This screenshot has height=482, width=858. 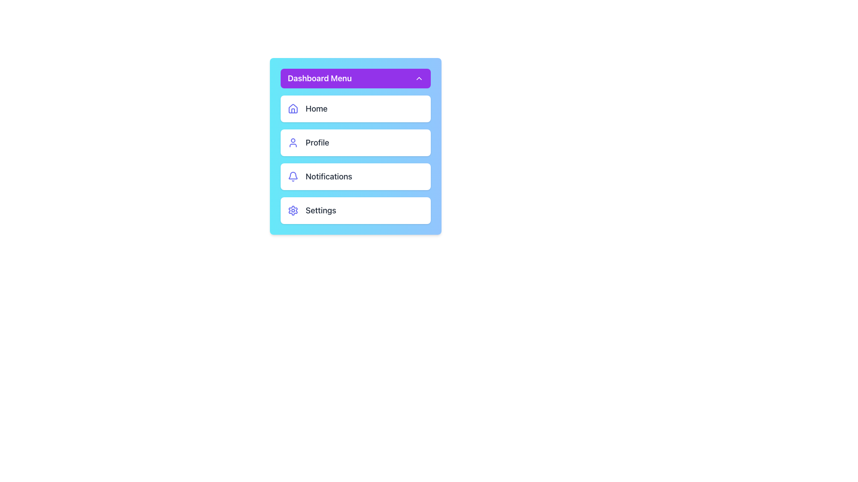 I want to click on the 'Notifications' button, which is the third item in the vertical list within the 'Dashboard Menu' box, featuring a bell icon and text, so click(x=355, y=159).